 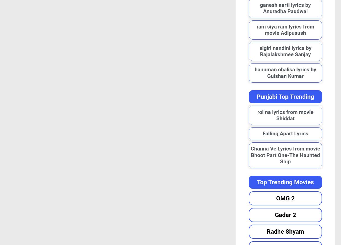 I want to click on 'Radhe Shyam', so click(x=285, y=231).